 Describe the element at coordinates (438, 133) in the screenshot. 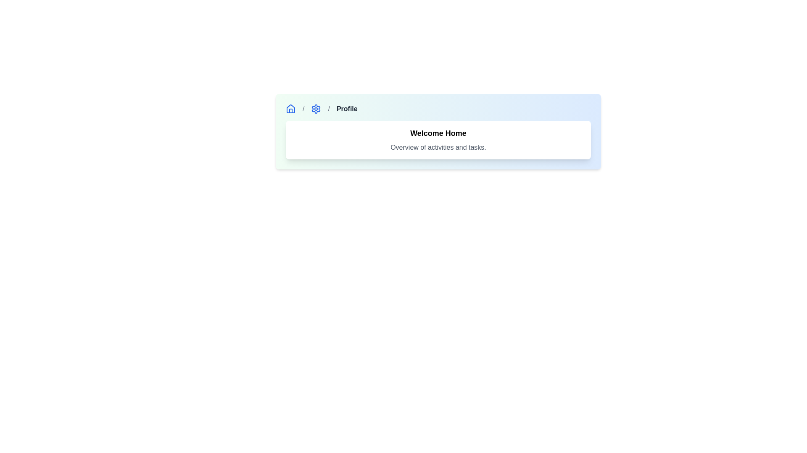

I see `text label that says 'Welcome Home', which is prominently displayed in bold and large font at the top of its section` at that location.